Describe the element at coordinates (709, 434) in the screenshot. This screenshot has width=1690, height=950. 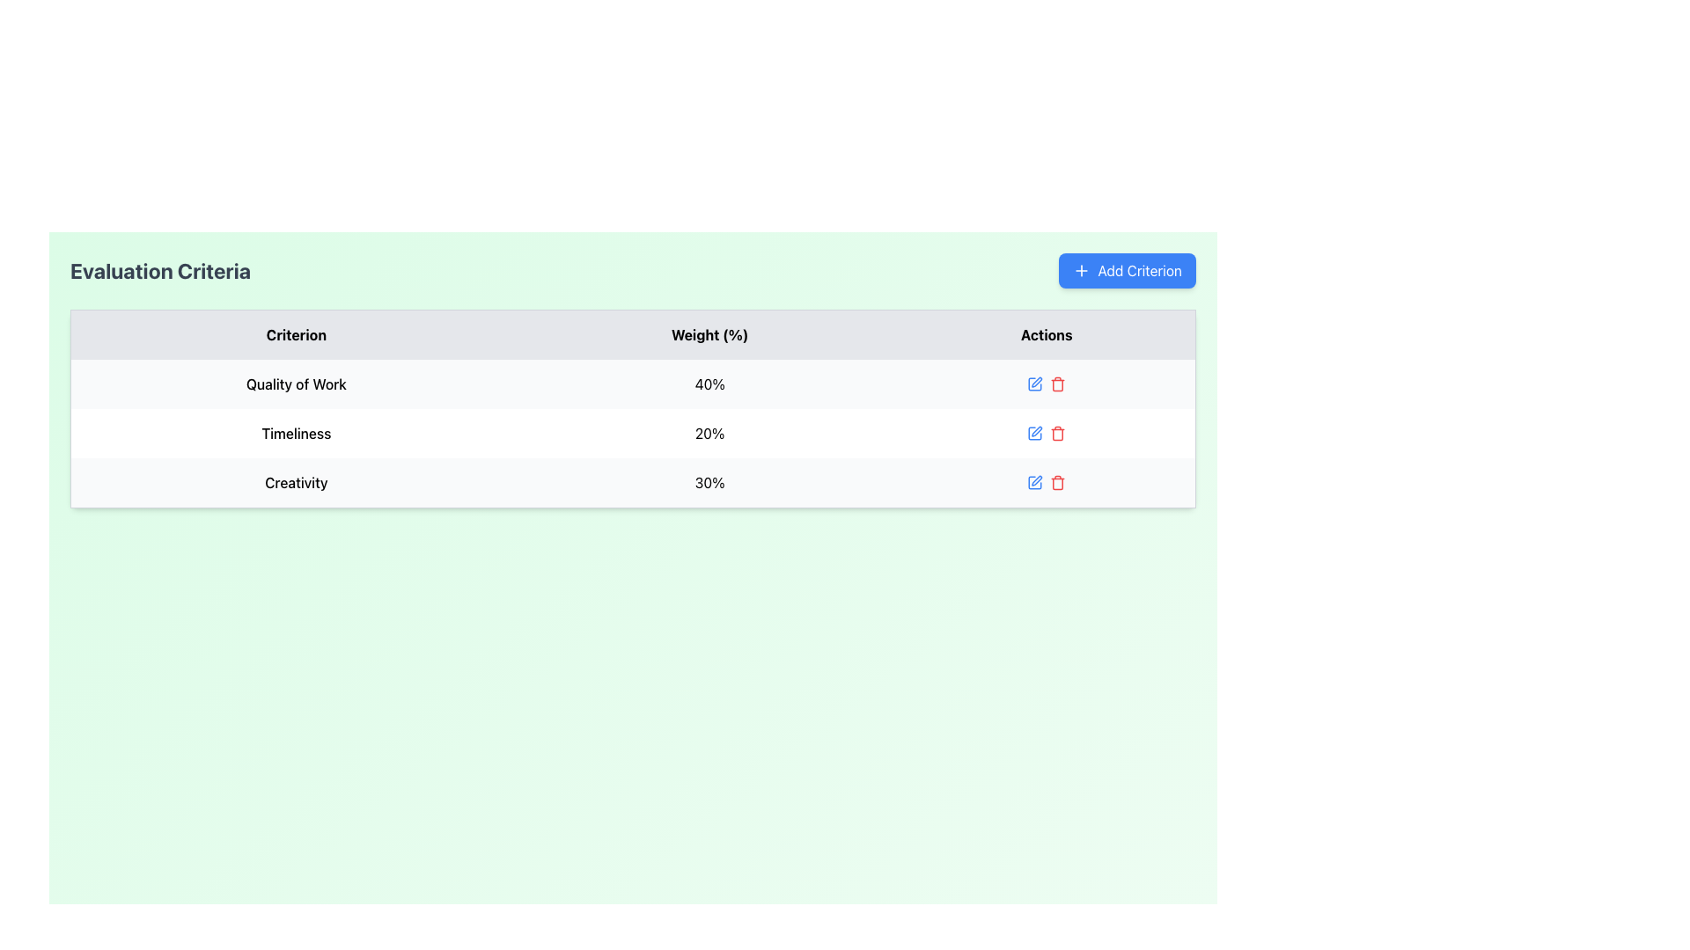
I see `displayed weight percentage for the 'Timeliness' criterion in the second row of the 'Weight (%)' column of the evaluation criteria table` at that location.